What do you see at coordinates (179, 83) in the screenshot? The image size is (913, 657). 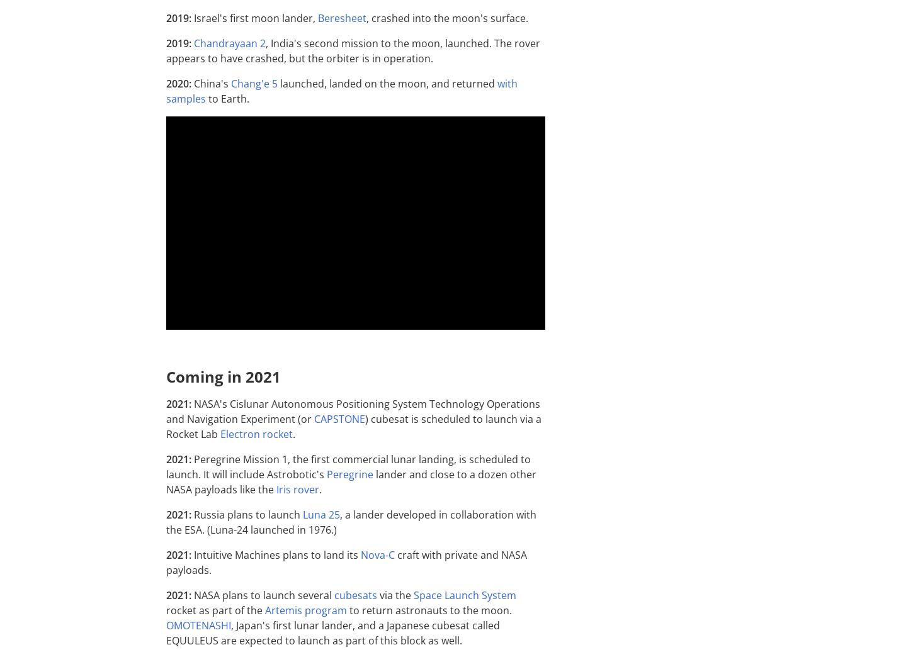 I see `'2020:'` at bounding box center [179, 83].